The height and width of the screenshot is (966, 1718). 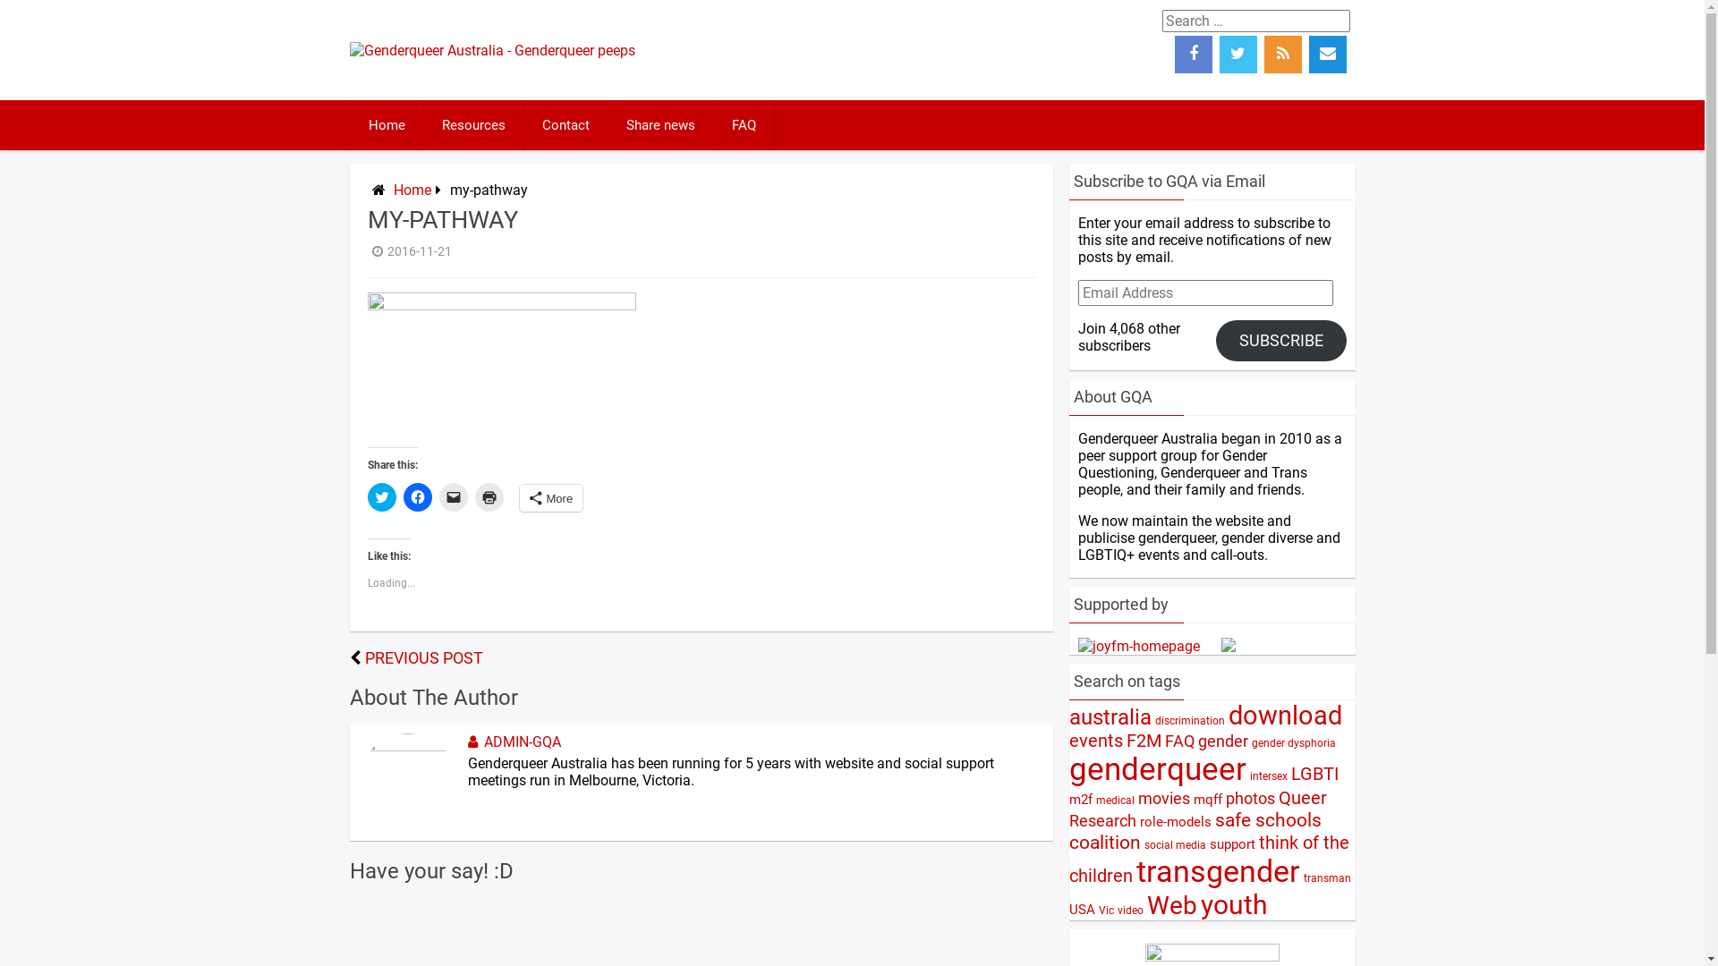 What do you see at coordinates (423, 658) in the screenshot?
I see `'PREVIOUS POST'` at bounding box center [423, 658].